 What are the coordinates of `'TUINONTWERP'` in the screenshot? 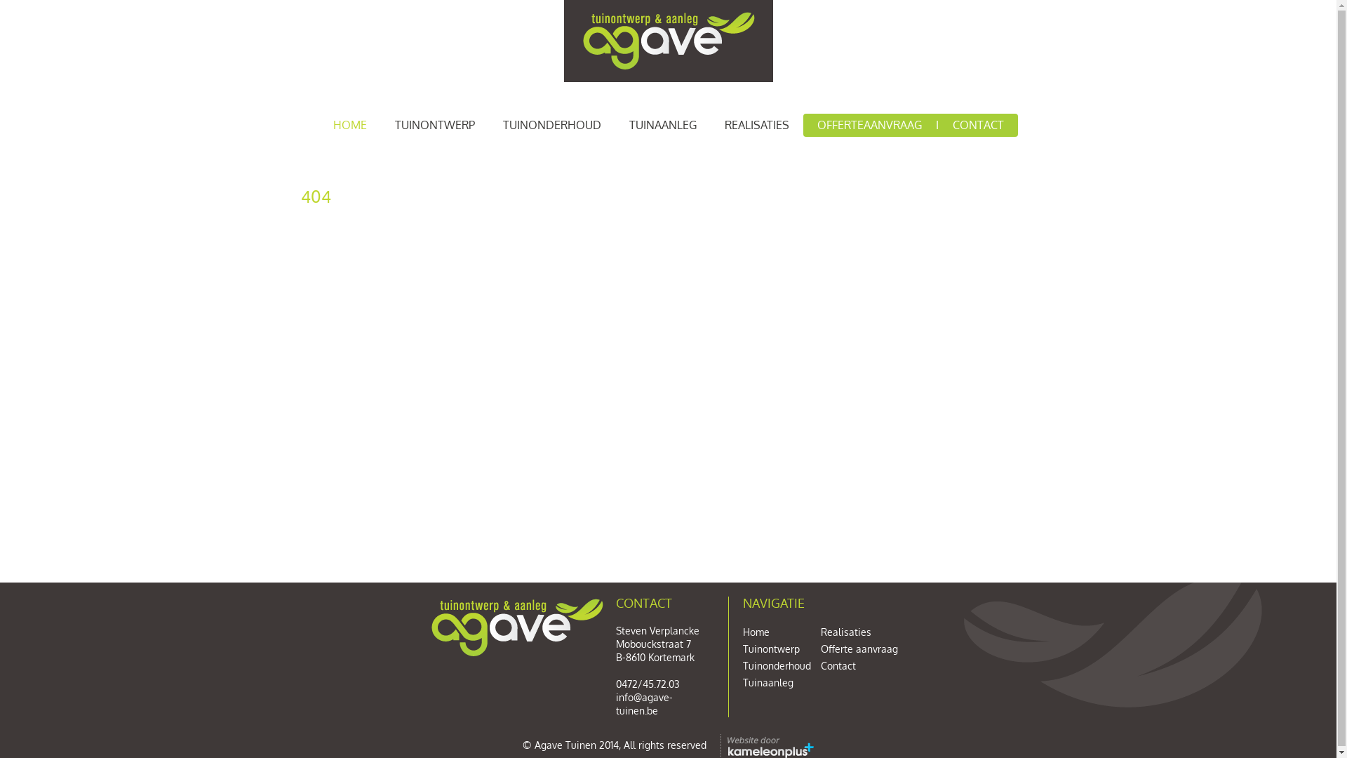 It's located at (434, 124).